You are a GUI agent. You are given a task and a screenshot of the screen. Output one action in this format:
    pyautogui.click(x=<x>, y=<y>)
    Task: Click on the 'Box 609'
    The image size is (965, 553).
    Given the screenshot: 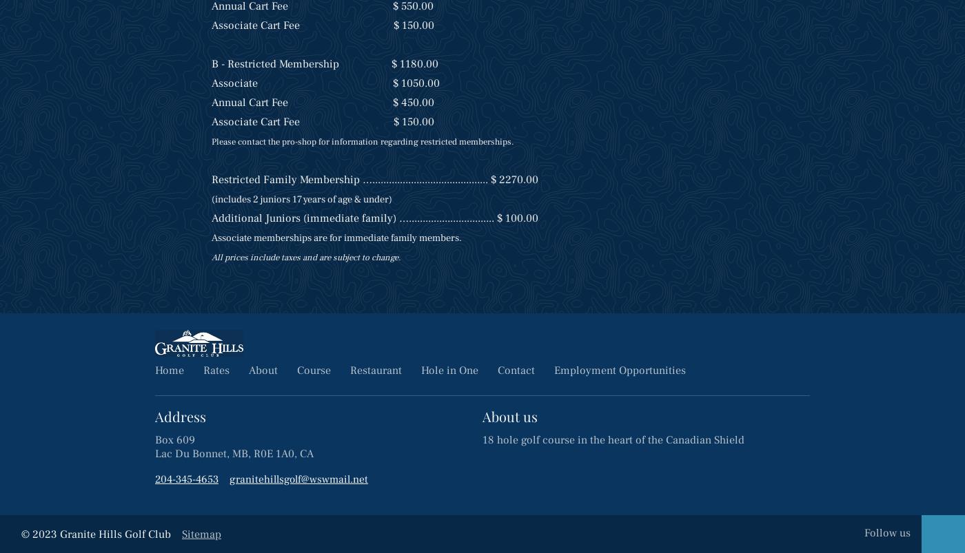 What is the action you would take?
    pyautogui.click(x=174, y=439)
    